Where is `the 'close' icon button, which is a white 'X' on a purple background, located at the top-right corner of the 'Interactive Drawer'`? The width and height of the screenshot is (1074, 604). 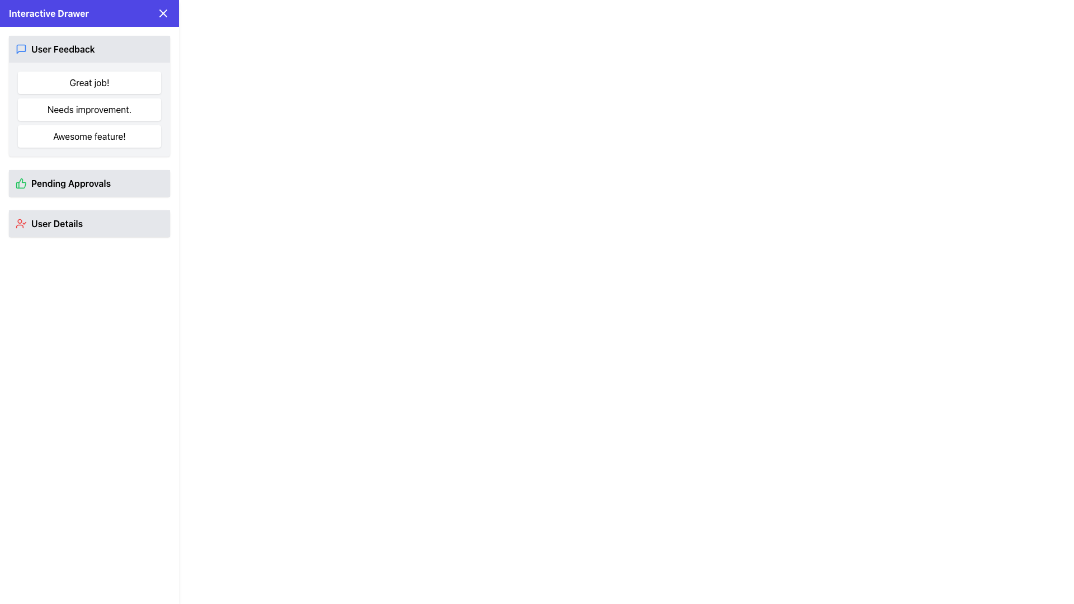
the 'close' icon button, which is a white 'X' on a purple background, located at the top-right corner of the 'Interactive Drawer' is located at coordinates (163, 13).